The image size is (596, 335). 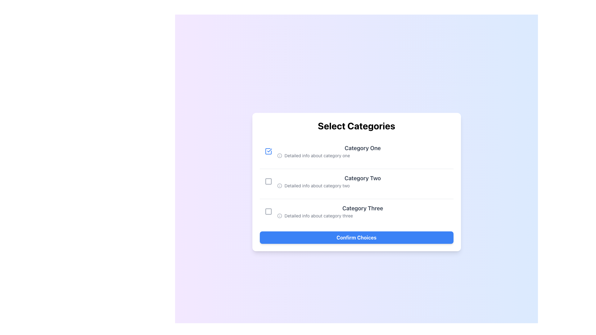 I want to click on the 'Category Two' text label, which is styled in bold and larger font size, located in the central content area before the descriptive text, so click(x=363, y=178).